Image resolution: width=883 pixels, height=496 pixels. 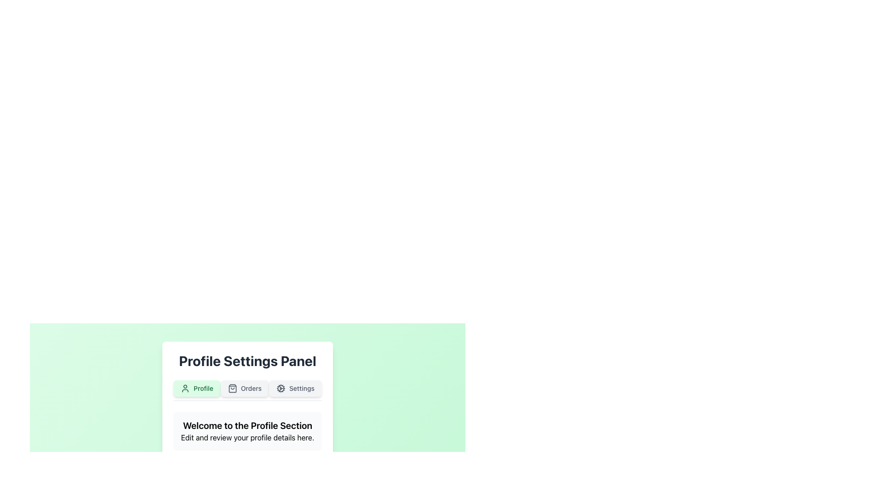 I want to click on the navigation button located between the 'Profile' and 'Settings' buttons, so click(x=245, y=388).